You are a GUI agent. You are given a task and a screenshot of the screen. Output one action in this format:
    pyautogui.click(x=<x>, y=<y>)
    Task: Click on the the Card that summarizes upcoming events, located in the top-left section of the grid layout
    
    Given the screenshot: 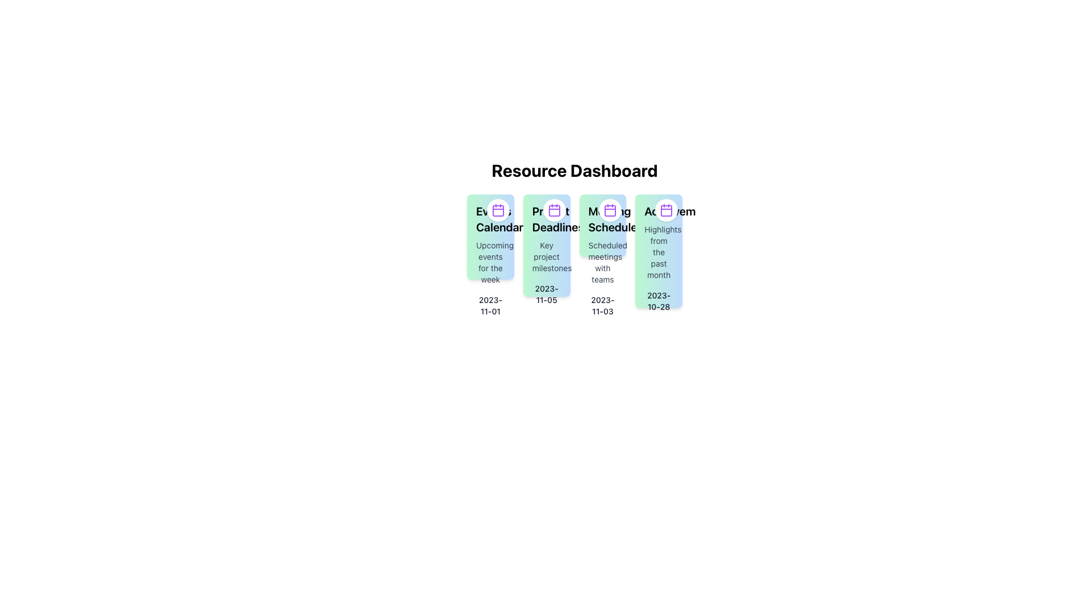 What is the action you would take?
    pyautogui.click(x=490, y=236)
    